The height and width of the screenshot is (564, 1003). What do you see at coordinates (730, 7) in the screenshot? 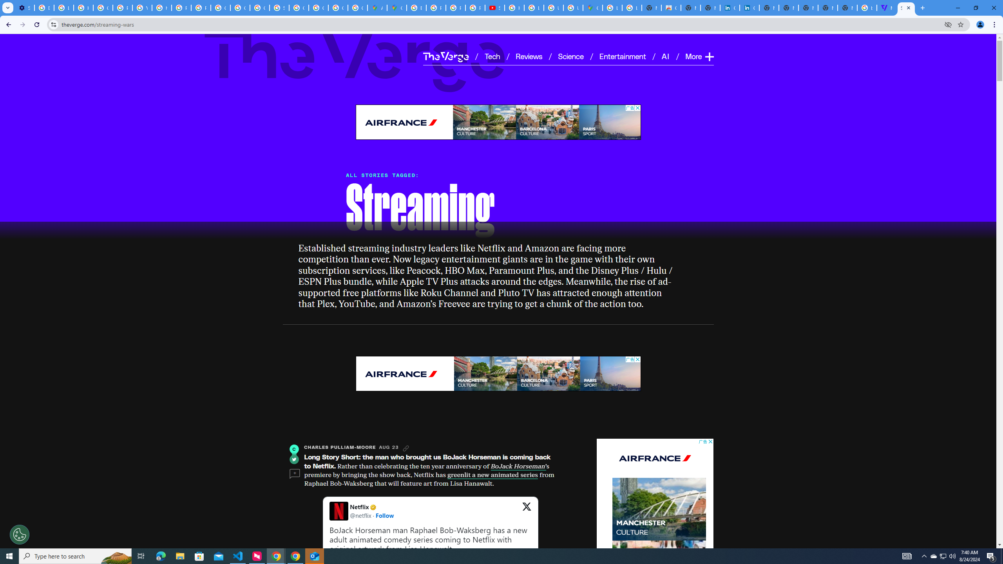
I see `'Cookie Policy | LinkedIn'` at bounding box center [730, 7].